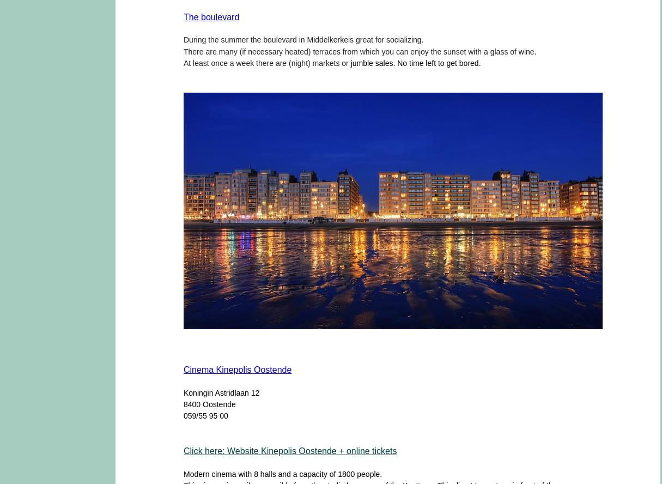 The height and width of the screenshot is (484, 662). What do you see at coordinates (205, 415) in the screenshot?
I see `'059/55 95 00'` at bounding box center [205, 415].